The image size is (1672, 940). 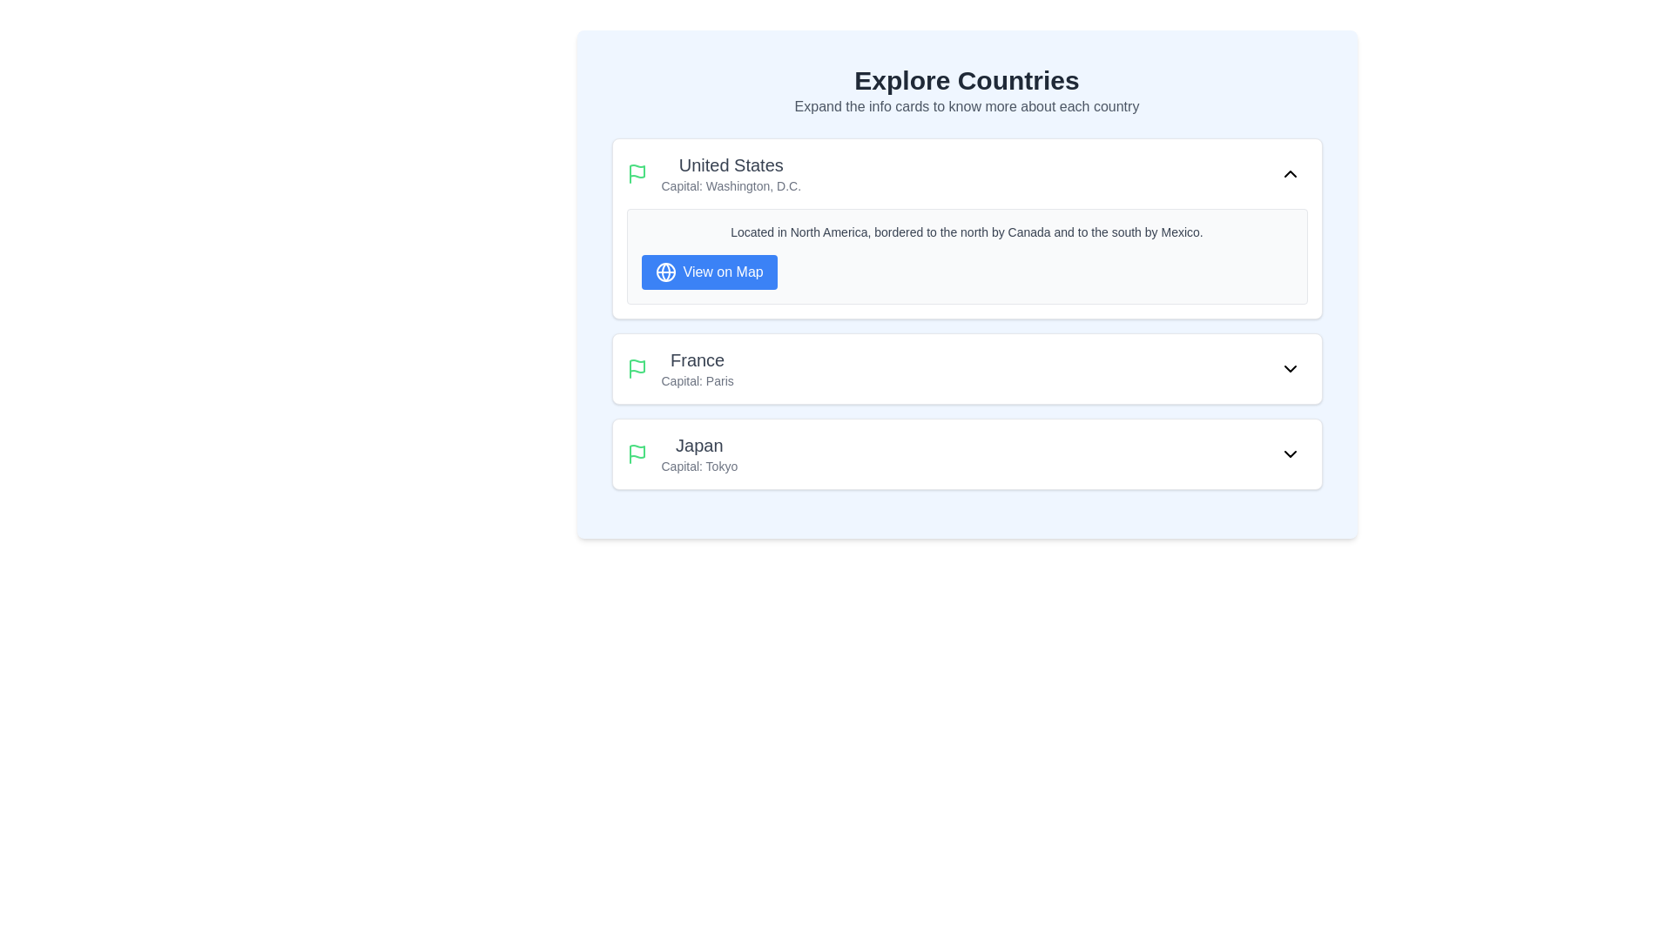 What do you see at coordinates (1290, 368) in the screenshot?
I see `the toggle icon in the top-right corner of the 'France' card to possibly display a tooltip` at bounding box center [1290, 368].